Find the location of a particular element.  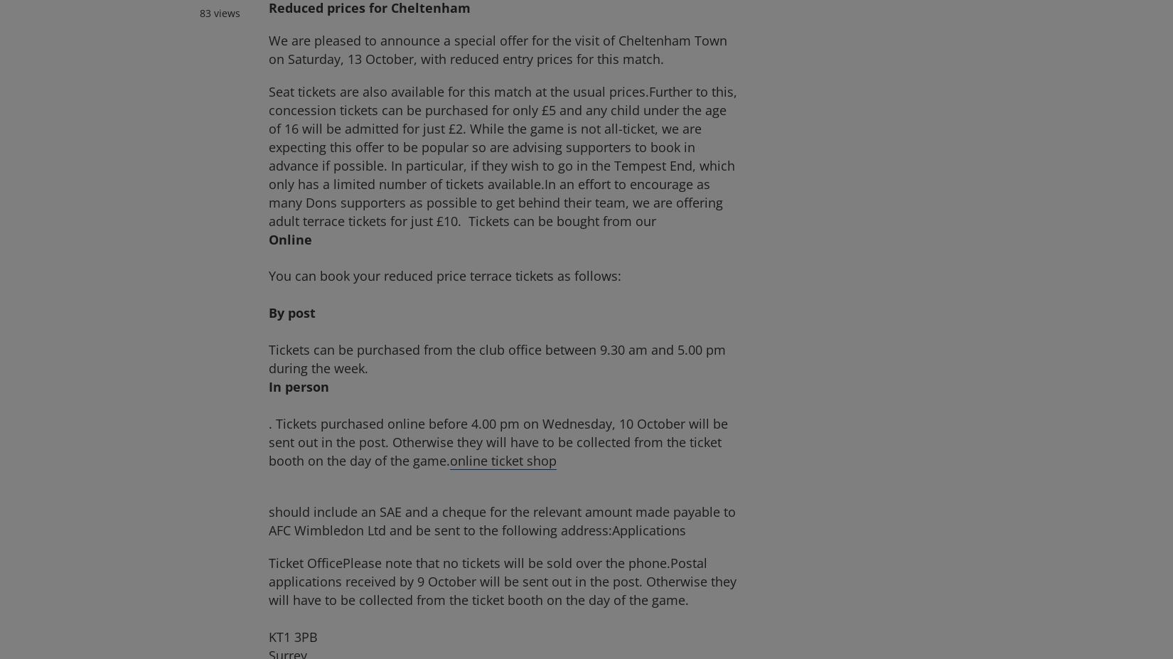

'In person' is located at coordinates (298, 386).